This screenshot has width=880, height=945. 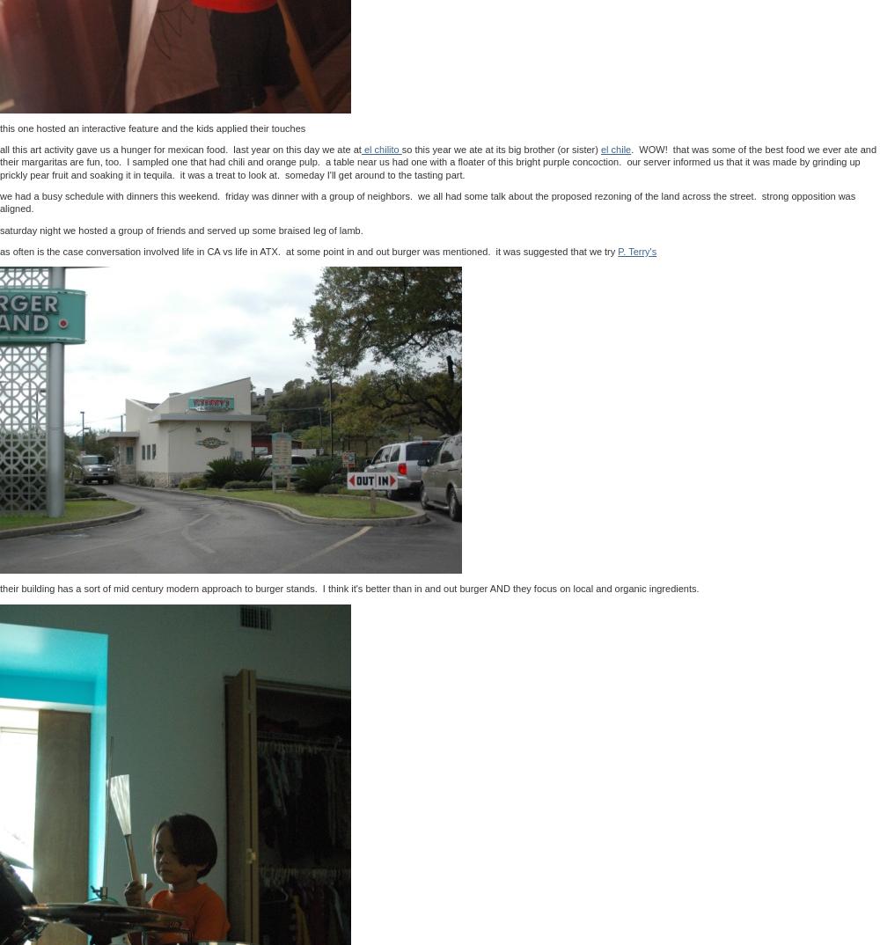 I want to click on 'el chilito', so click(x=381, y=150).